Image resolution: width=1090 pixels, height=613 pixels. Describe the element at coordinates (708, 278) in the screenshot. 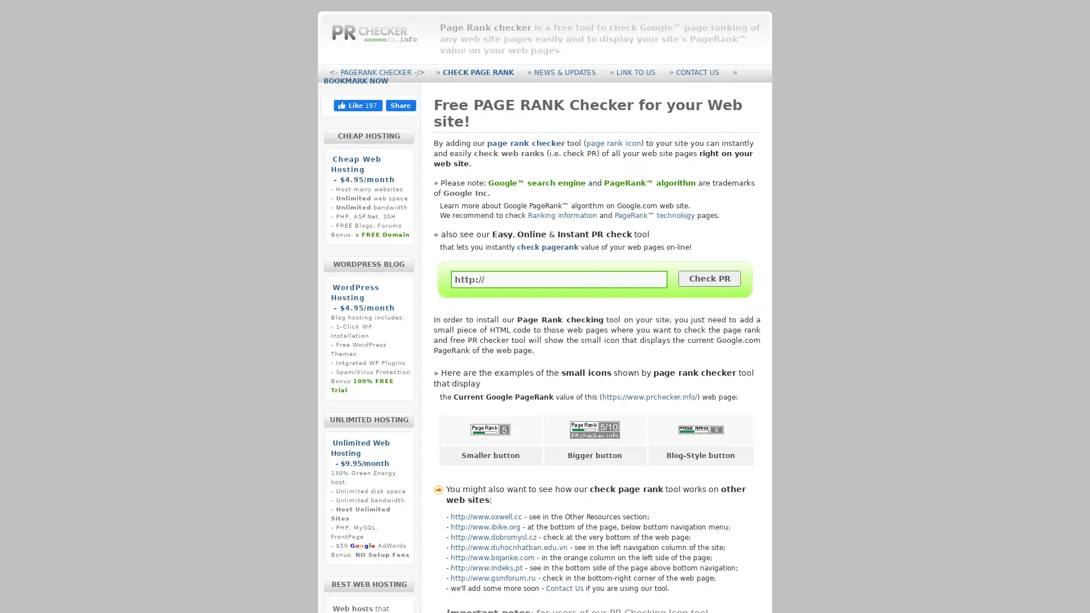

I see `Check PR` at that location.